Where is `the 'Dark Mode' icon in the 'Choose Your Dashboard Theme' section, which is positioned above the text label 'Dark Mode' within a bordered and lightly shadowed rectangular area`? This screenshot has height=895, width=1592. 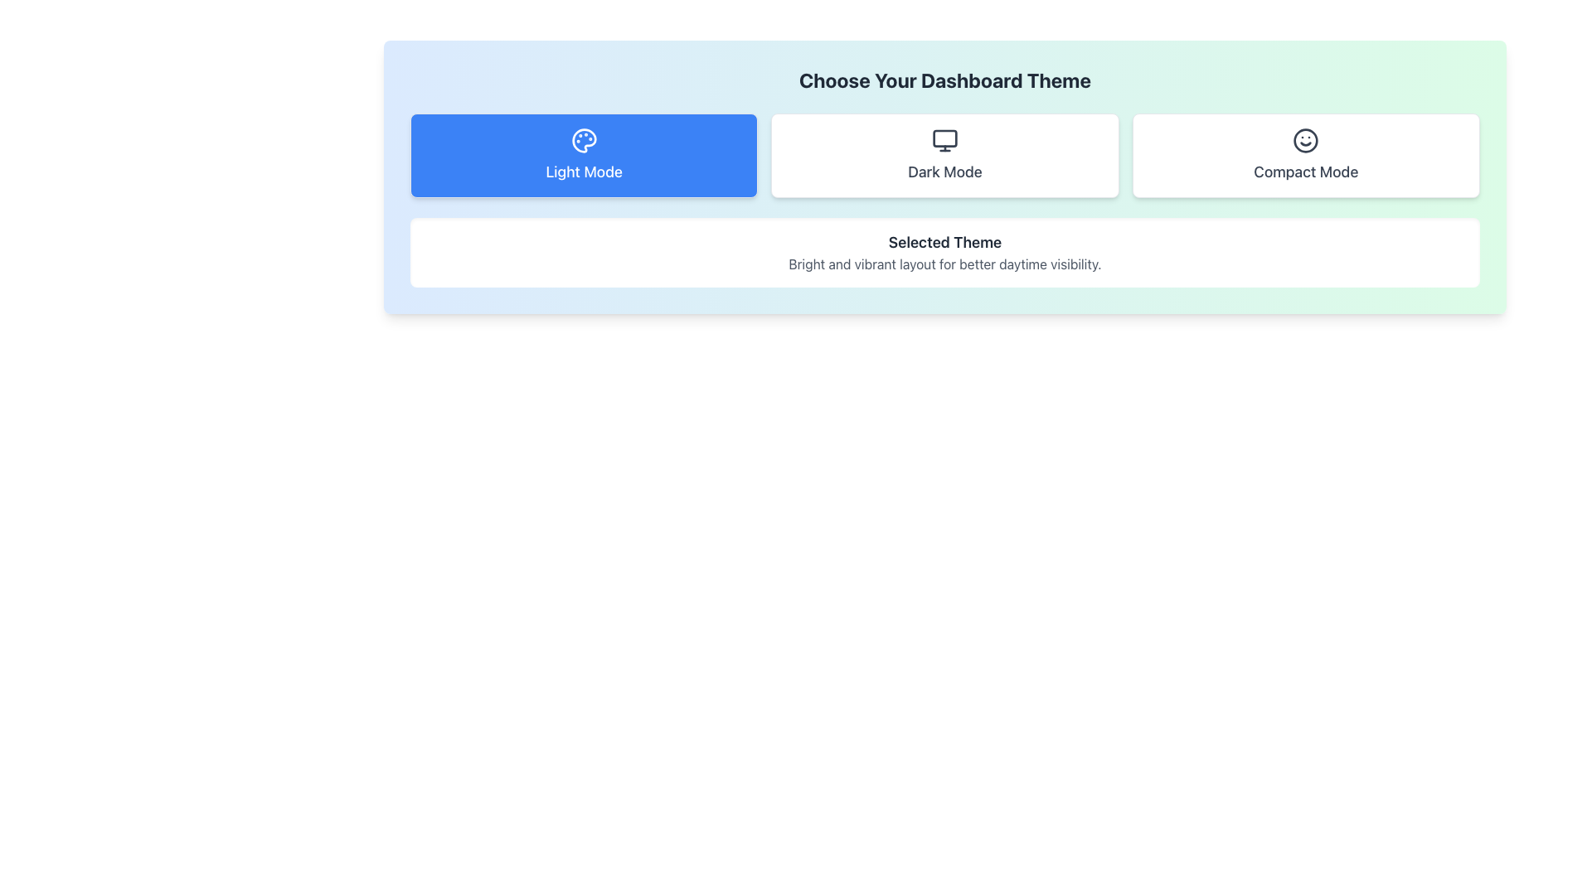 the 'Dark Mode' icon in the 'Choose Your Dashboard Theme' section, which is positioned above the text label 'Dark Mode' within a bordered and lightly shadowed rectangular area is located at coordinates (944, 139).